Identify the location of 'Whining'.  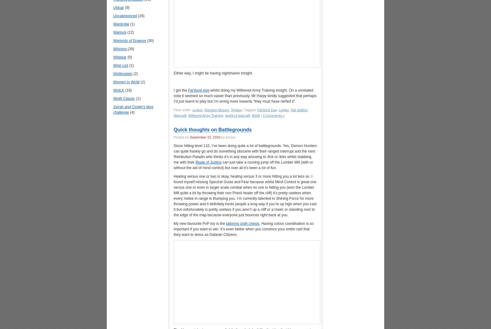
(120, 48).